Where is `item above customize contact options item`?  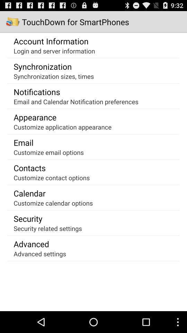 item above customize contact options item is located at coordinates (29, 167).